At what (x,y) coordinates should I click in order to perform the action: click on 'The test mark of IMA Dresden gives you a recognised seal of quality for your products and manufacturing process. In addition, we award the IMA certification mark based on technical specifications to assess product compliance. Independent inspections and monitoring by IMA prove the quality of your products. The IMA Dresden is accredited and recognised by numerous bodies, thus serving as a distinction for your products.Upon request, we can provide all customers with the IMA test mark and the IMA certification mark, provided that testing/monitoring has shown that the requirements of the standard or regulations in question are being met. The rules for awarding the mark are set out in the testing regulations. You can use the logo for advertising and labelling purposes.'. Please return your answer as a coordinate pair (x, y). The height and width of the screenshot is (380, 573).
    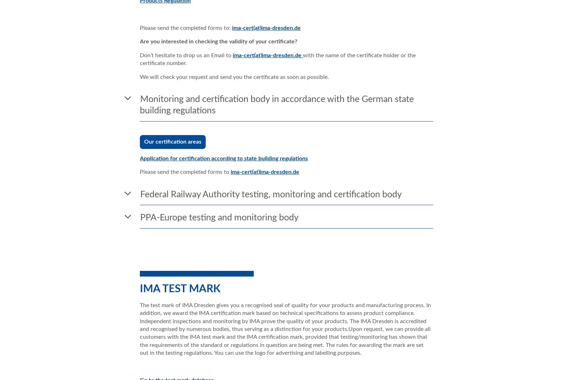
    Looking at the image, I should click on (285, 328).